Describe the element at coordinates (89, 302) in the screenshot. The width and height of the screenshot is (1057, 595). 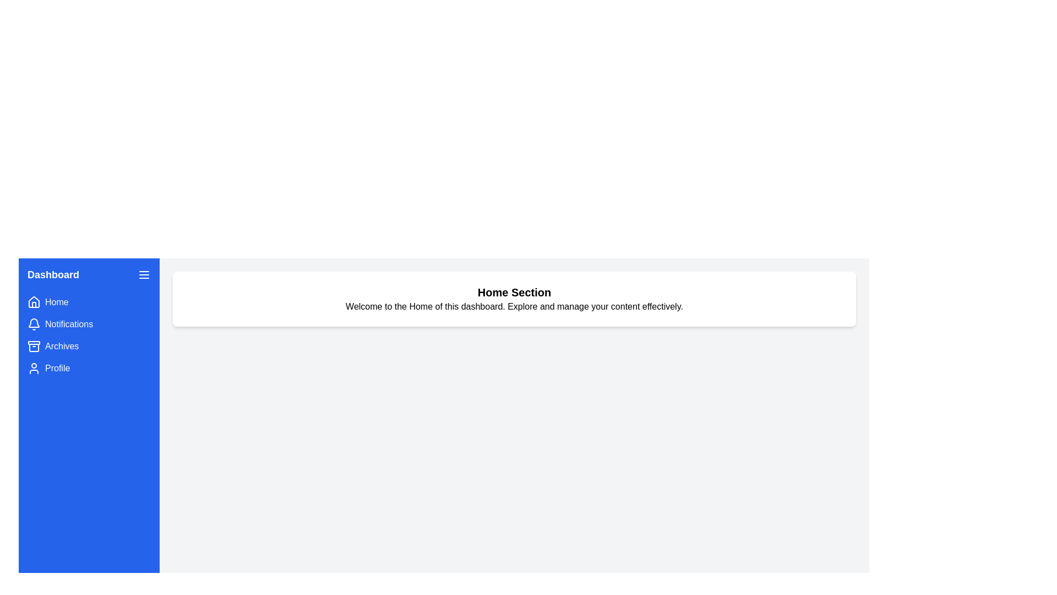
I see `the first navigation menu item in the left sidebar` at that location.